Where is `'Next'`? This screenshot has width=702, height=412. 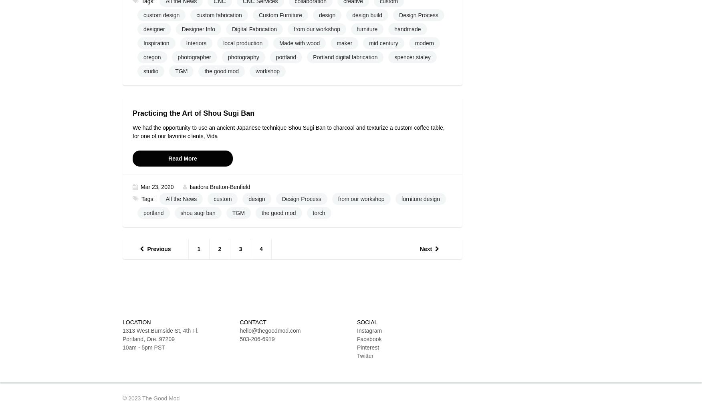 'Next' is located at coordinates (426, 249).